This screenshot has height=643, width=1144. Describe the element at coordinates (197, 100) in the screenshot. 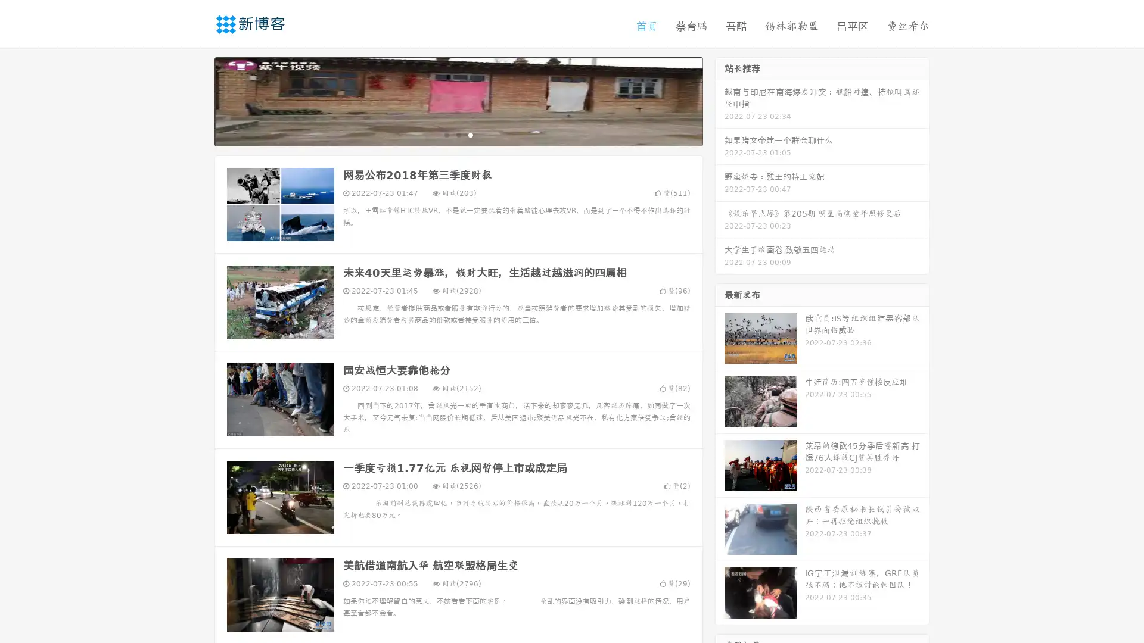

I see `Previous slide` at that location.